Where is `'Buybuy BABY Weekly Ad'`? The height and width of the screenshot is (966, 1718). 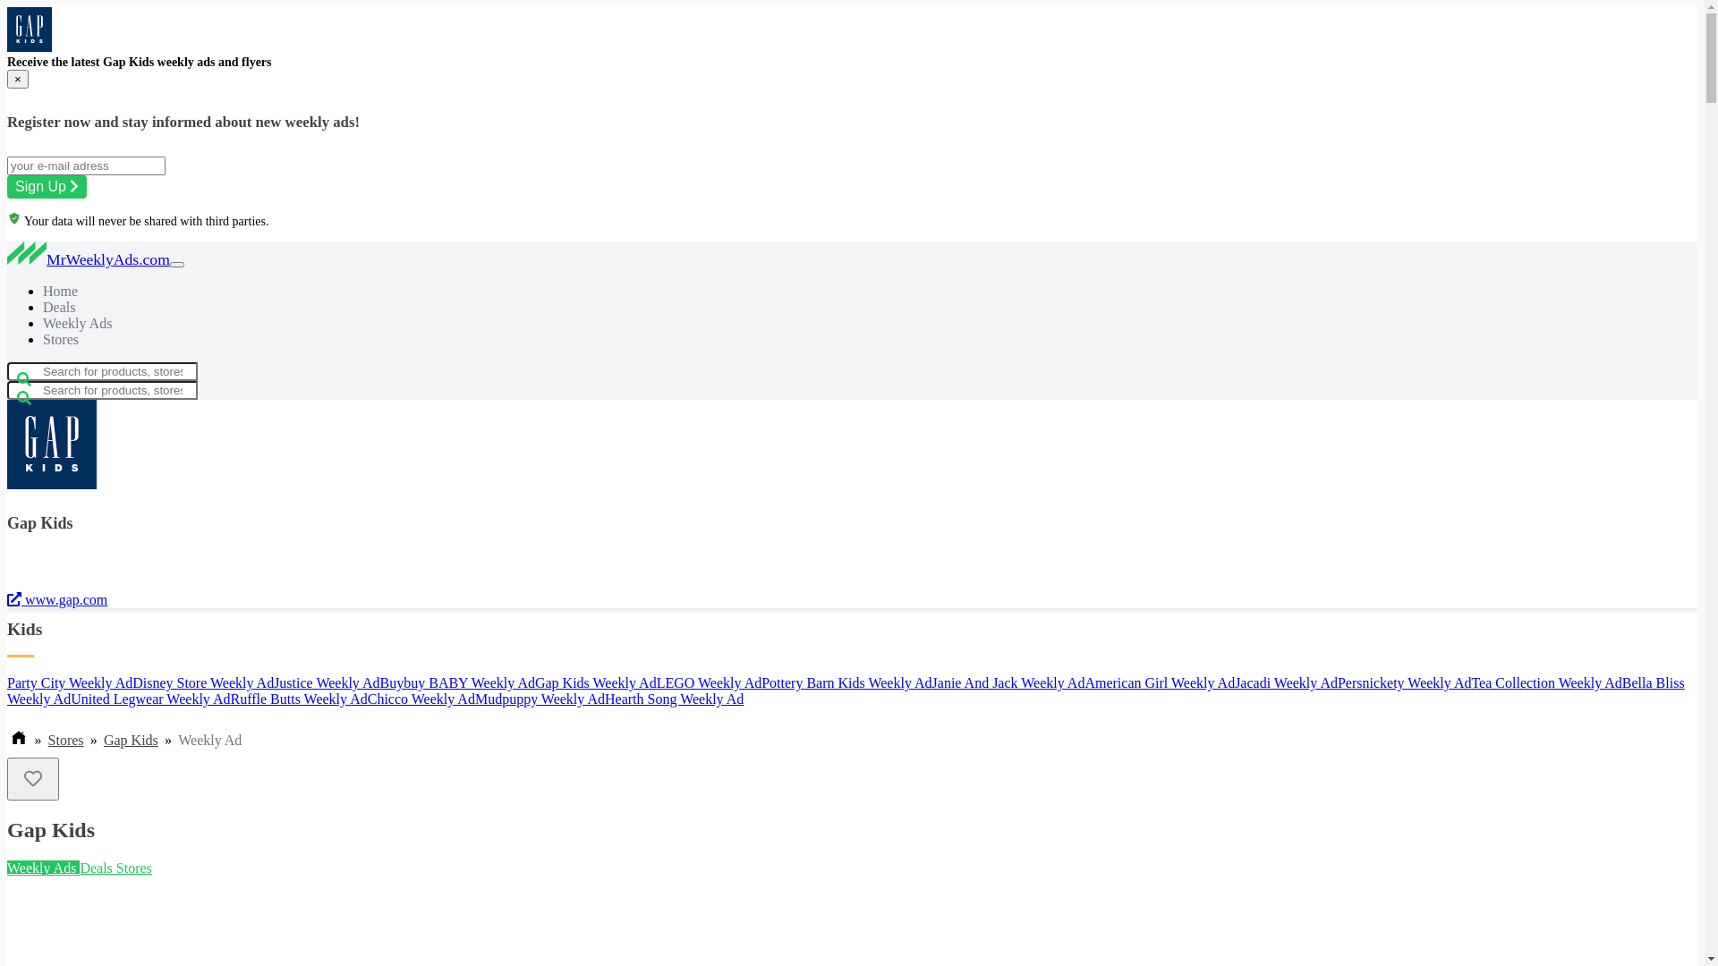 'Buybuy BABY Weekly Ad' is located at coordinates (457, 682).